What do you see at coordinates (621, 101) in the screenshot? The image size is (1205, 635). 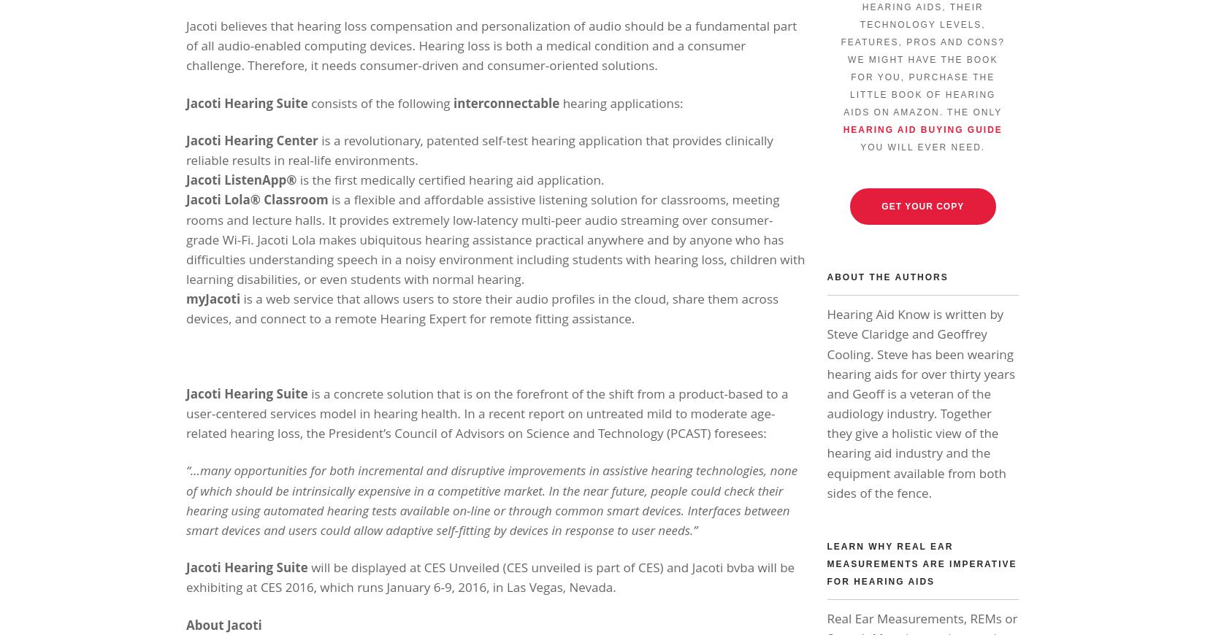 I see `'hearing applications:'` at bounding box center [621, 101].